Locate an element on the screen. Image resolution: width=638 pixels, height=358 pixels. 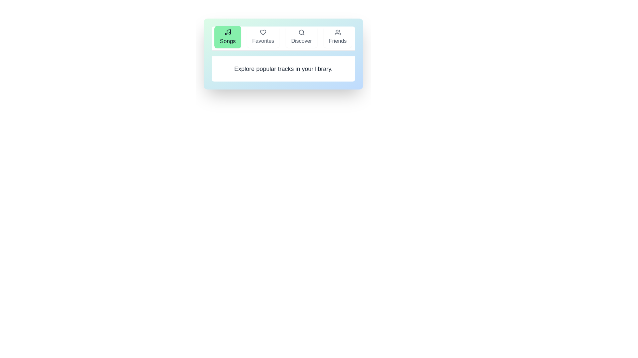
the Discover tab by clicking on it is located at coordinates (301, 37).